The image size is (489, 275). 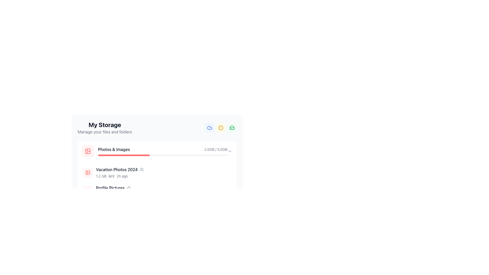 What do you see at coordinates (88, 172) in the screenshot?
I see `the rounded rectangle that is part of the larger icon located near the top-left corner of the list section, adjacent to the label 'Photos & Images'` at bounding box center [88, 172].